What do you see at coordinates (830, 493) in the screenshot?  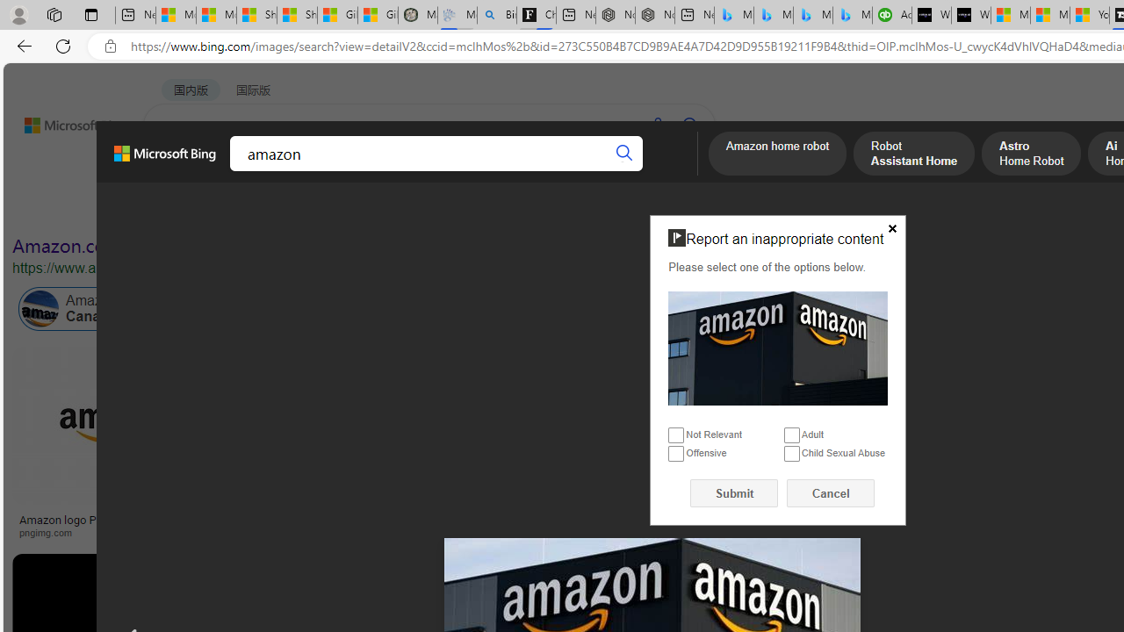 I see `'Cancel'` at bounding box center [830, 493].